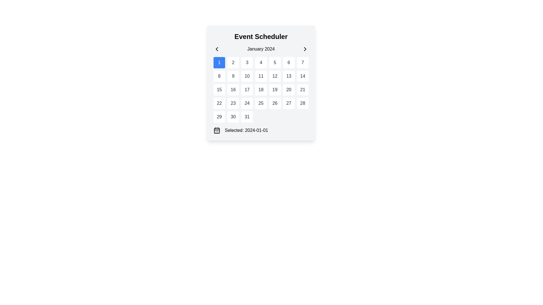 The height and width of the screenshot is (305, 543). I want to click on the calendar date cell button labeled '4', so click(260, 63).